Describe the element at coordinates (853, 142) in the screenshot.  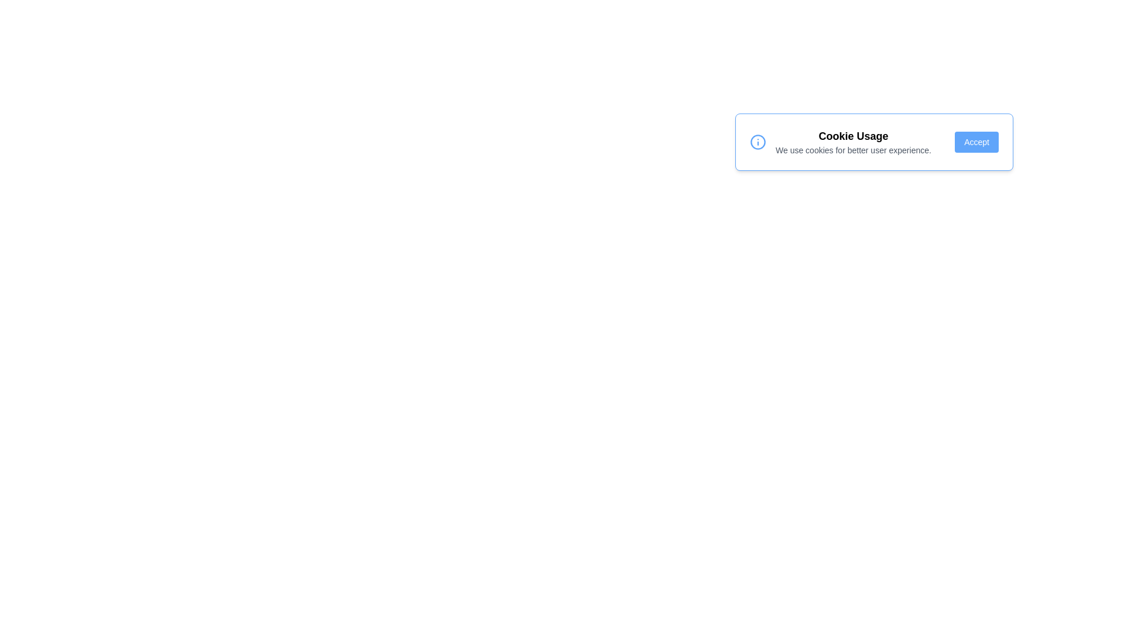
I see `the informational text block that displays the title 'Cookie Usage' and the subtitle 'We use cookies for better user experience.'` at that location.